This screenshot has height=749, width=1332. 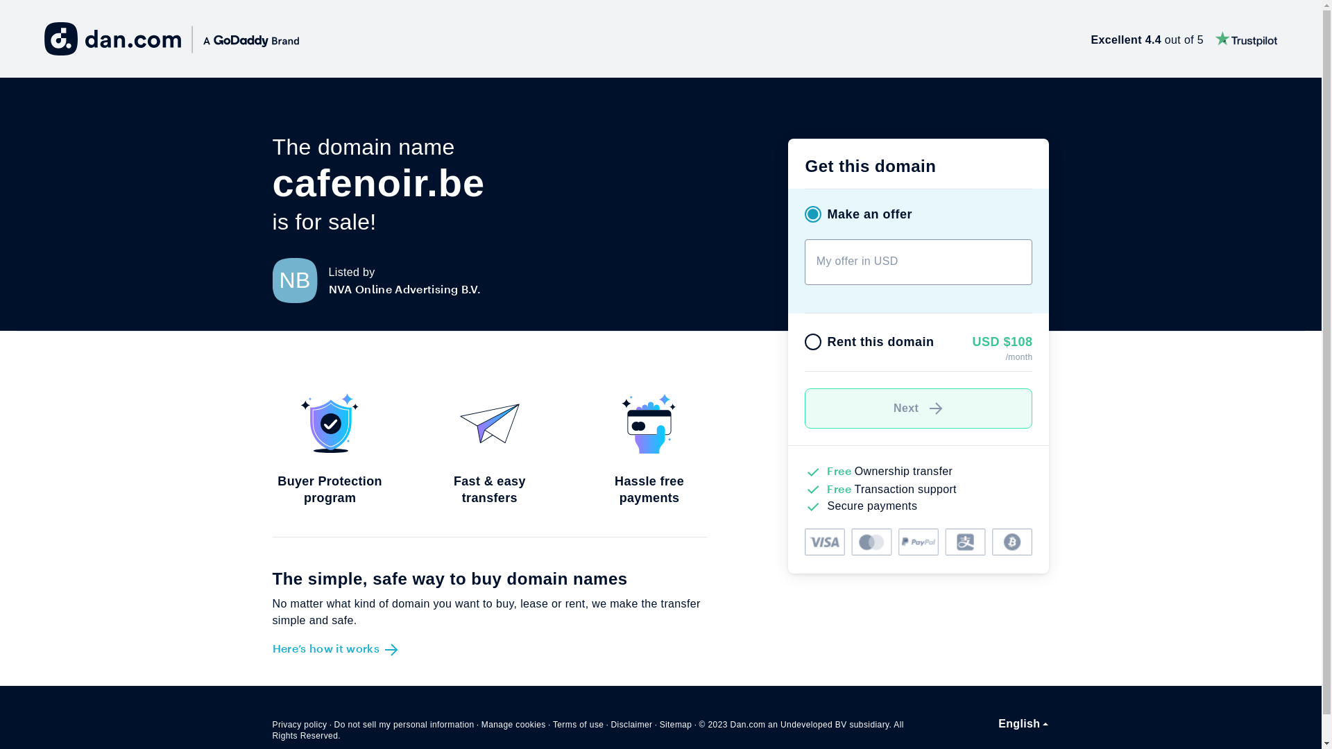 What do you see at coordinates (997, 723) in the screenshot?
I see `'English'` at bounding box center [997, 723].